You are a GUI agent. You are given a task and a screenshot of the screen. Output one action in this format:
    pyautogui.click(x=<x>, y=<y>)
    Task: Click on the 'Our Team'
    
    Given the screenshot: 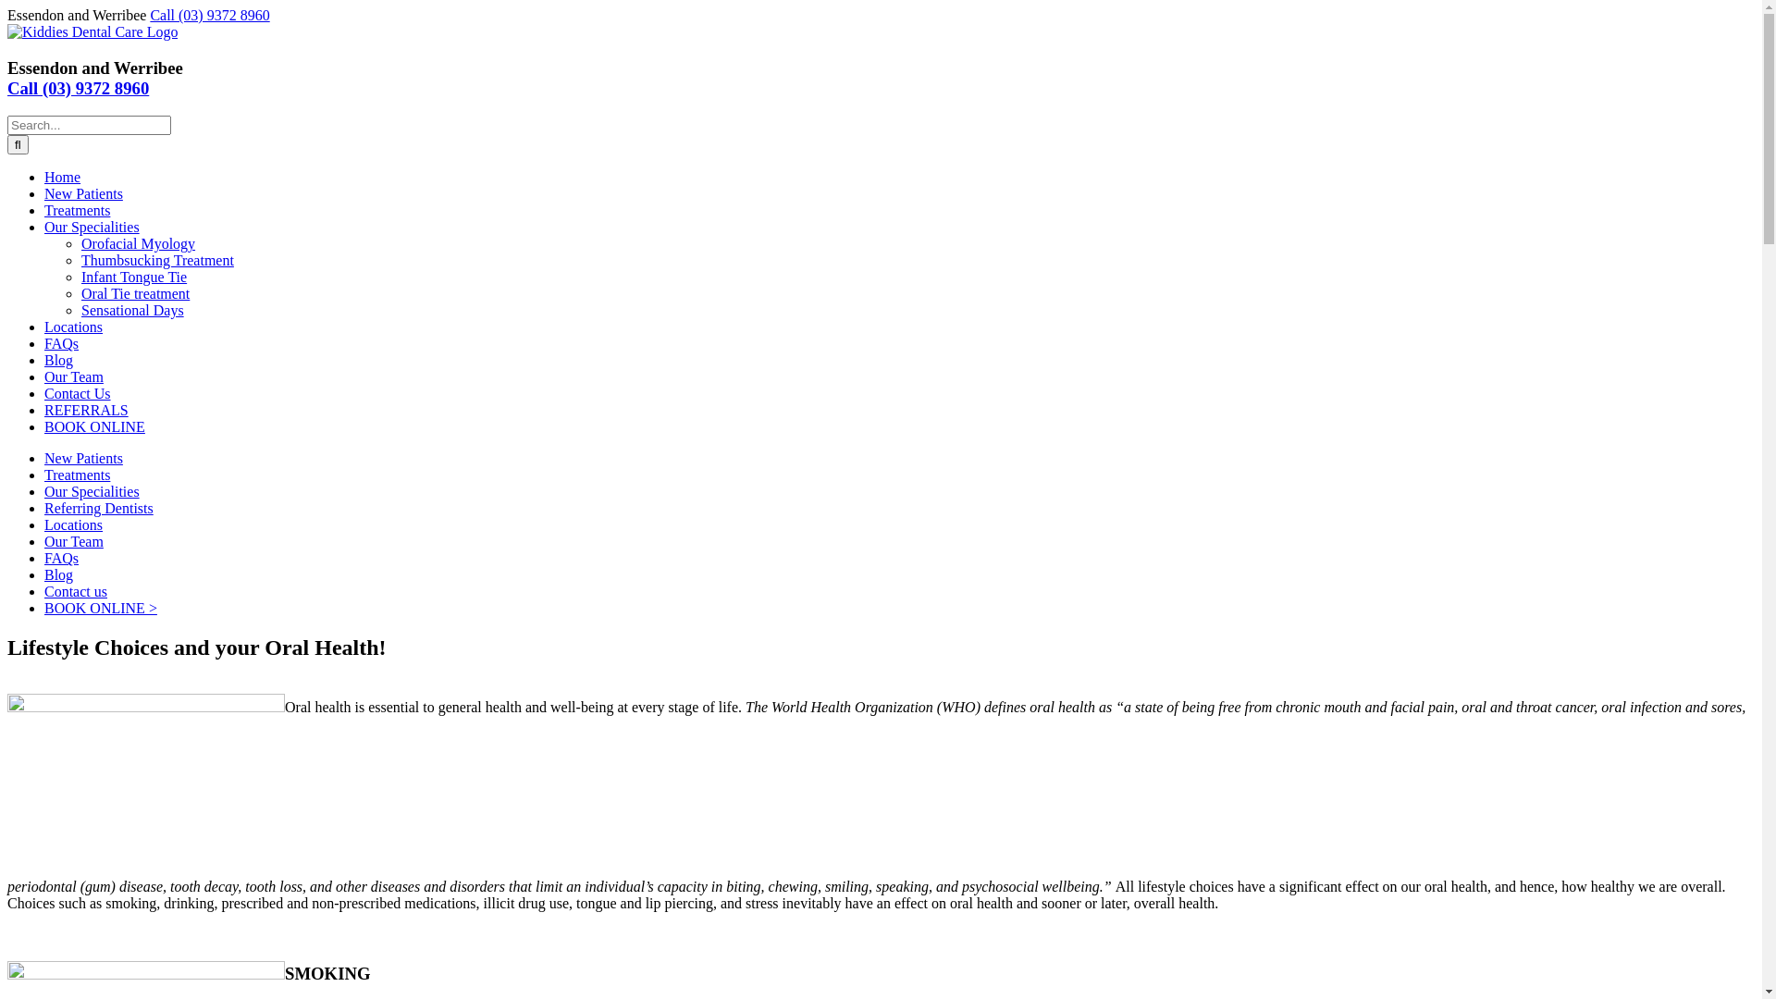 What is the action you would take?
    pyautogui.click(x=74, y=541)
    